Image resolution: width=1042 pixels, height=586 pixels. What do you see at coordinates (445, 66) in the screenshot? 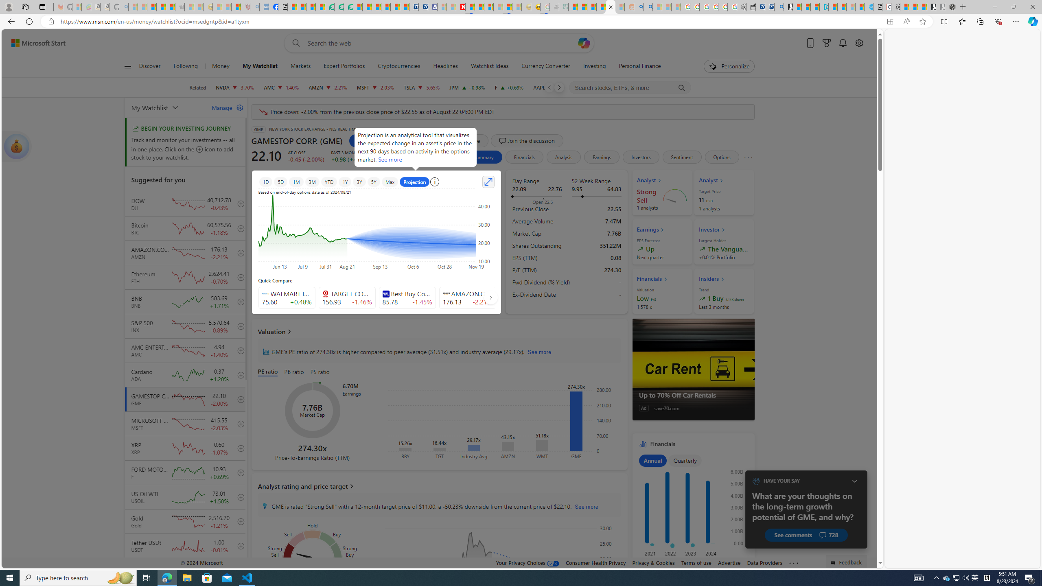
I see `'Headlines'` at bounding box center [445, 66].